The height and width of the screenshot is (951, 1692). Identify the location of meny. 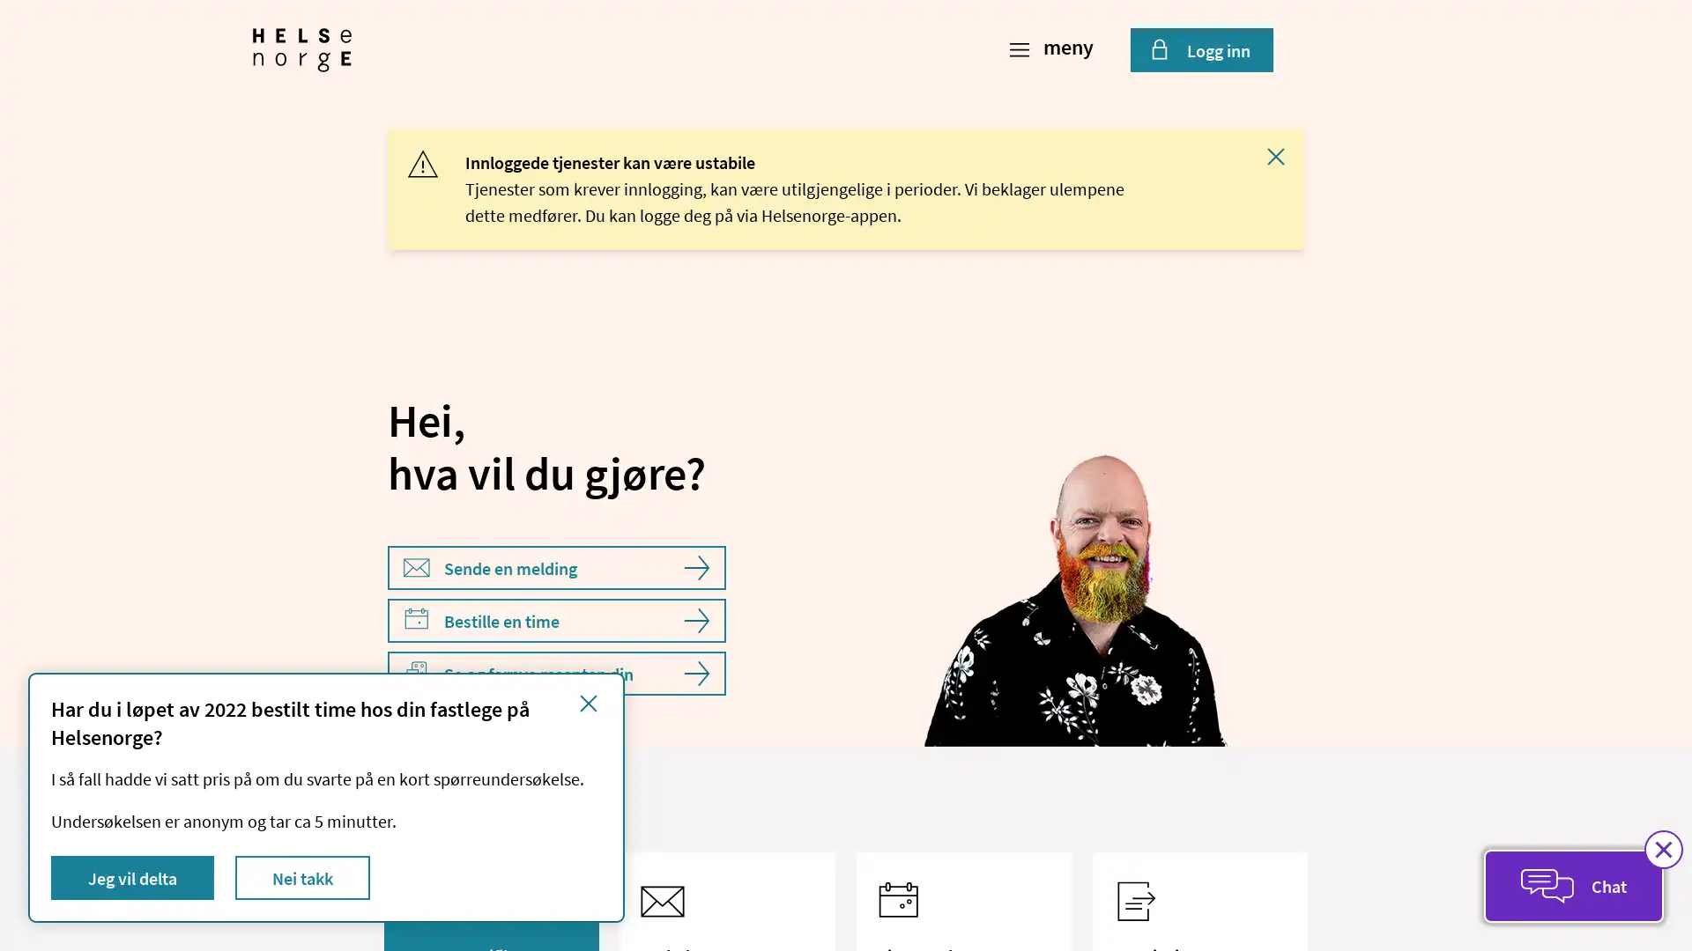
(1053, 49).